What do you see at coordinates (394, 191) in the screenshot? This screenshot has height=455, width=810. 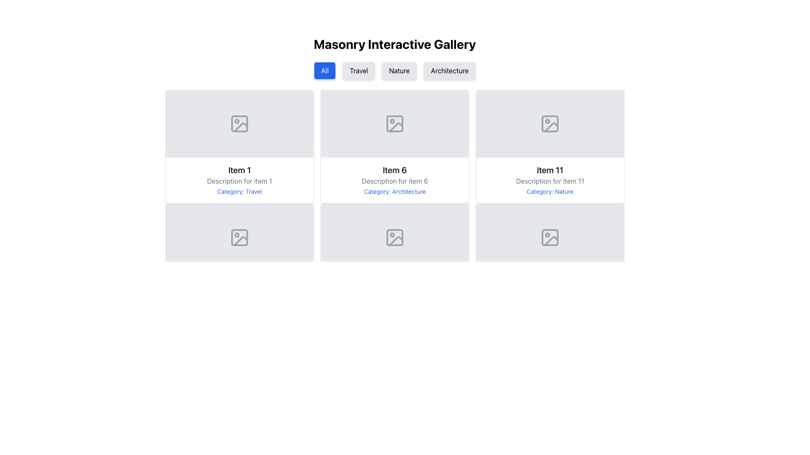 I see `the text label displaying 'Category: Architecture', which is styled in blue and located at the bottom of the 'Item 6' card` at bounding box center [394, 191].